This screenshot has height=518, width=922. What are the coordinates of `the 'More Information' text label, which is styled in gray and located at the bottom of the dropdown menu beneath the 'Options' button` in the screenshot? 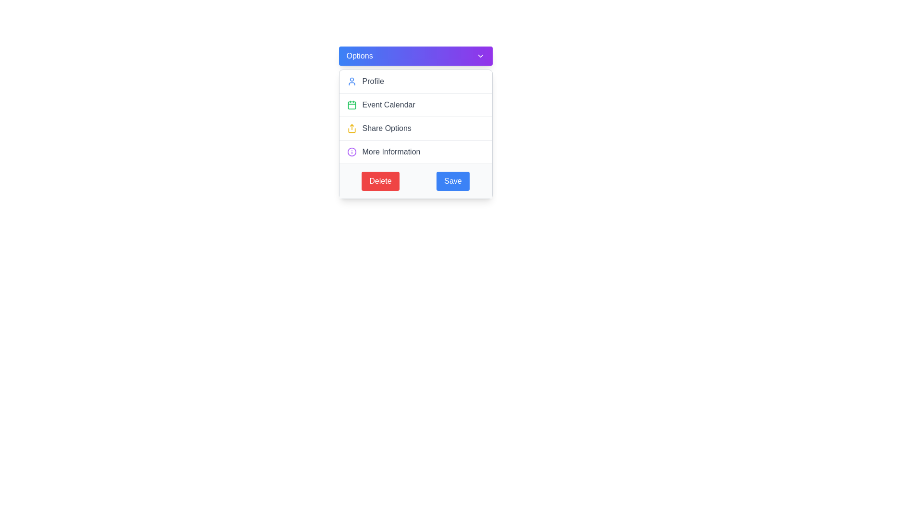 It's located at (391, 151).